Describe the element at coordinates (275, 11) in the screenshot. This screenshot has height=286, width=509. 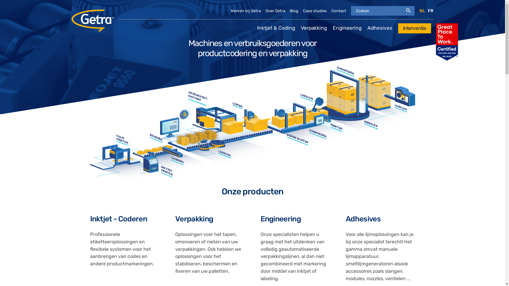
I see `'Over Getra'` at that location.